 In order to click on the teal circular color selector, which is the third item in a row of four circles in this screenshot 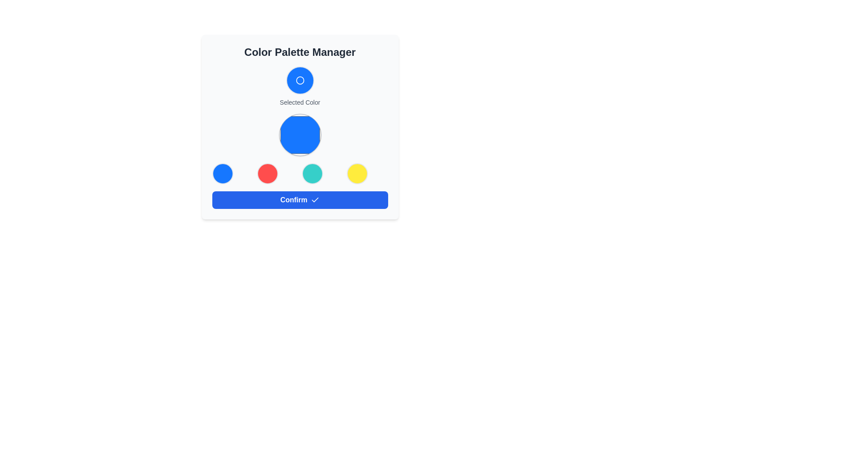, I will do `click(312, 173)`.